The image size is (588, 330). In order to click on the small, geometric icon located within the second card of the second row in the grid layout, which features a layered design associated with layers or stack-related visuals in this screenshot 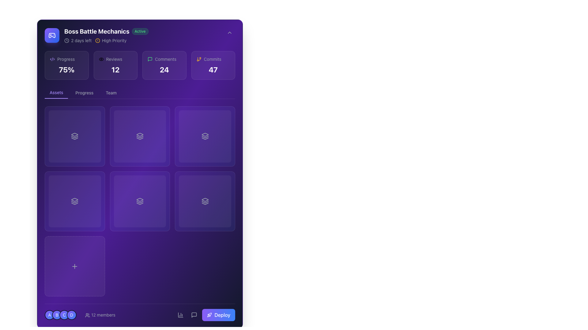, I will do `click(139, 137)`.